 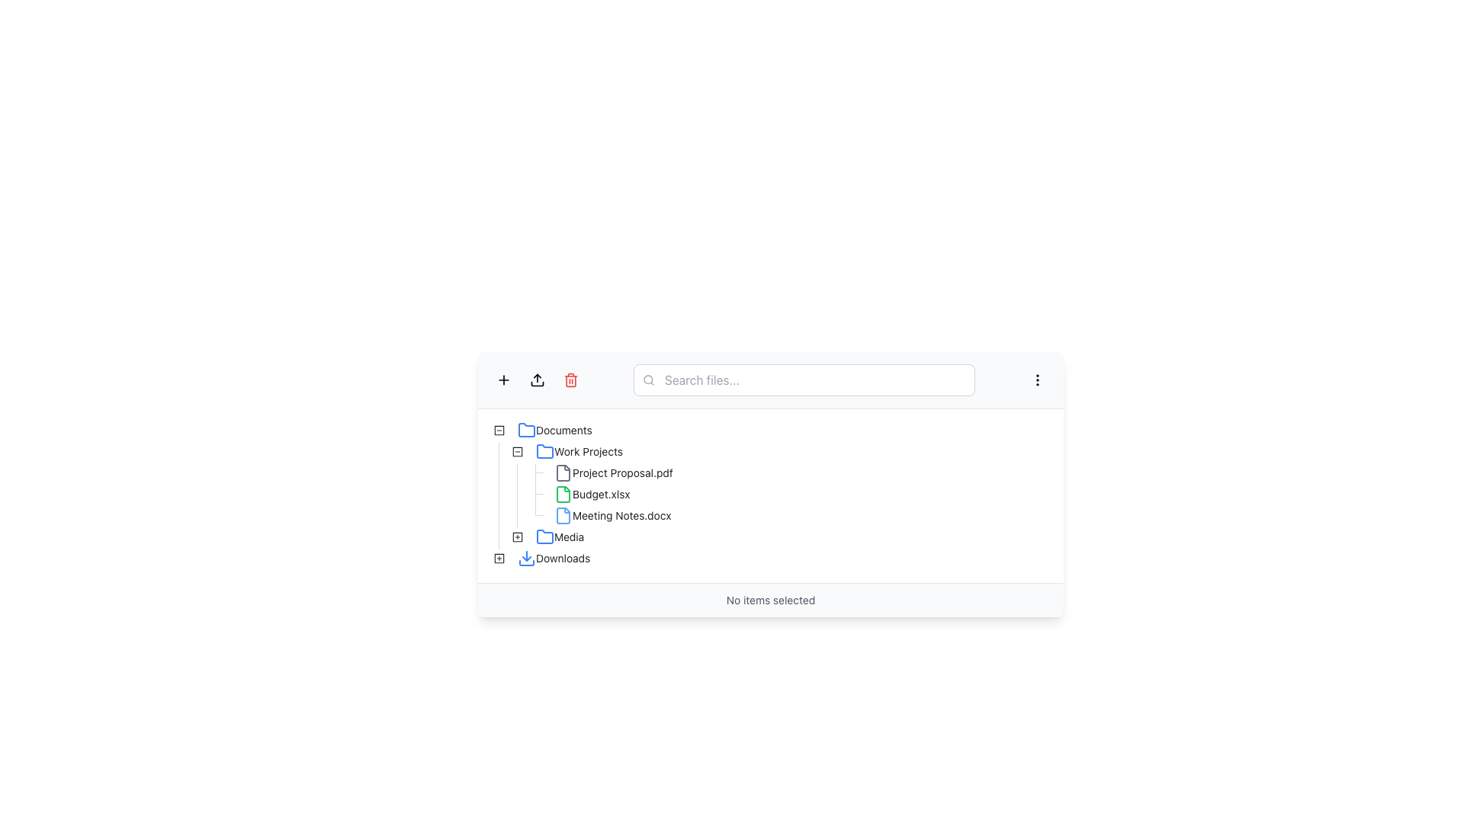 I want to click on the 'Add' or 'Create New' button located at the top left of the interface, so click(x=504, y=379).